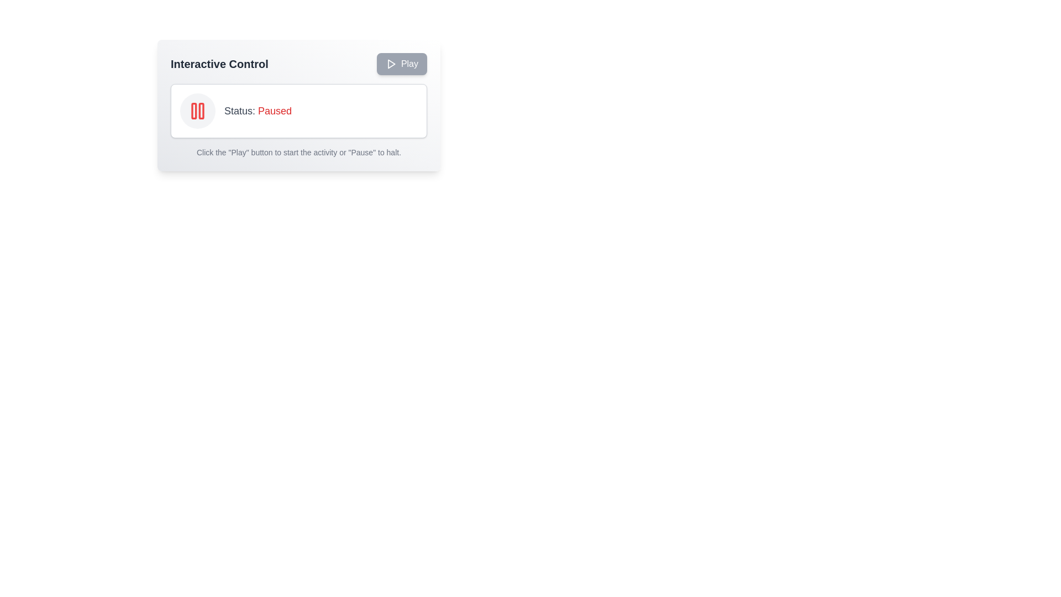 The width and height of the screenshot is (1061, 597). I want to click on the second rectangle (right bar) of the pause icon located in the top-left segment of the UI, which is part of the visual representation of the paused state of the application, so click(201, 111).